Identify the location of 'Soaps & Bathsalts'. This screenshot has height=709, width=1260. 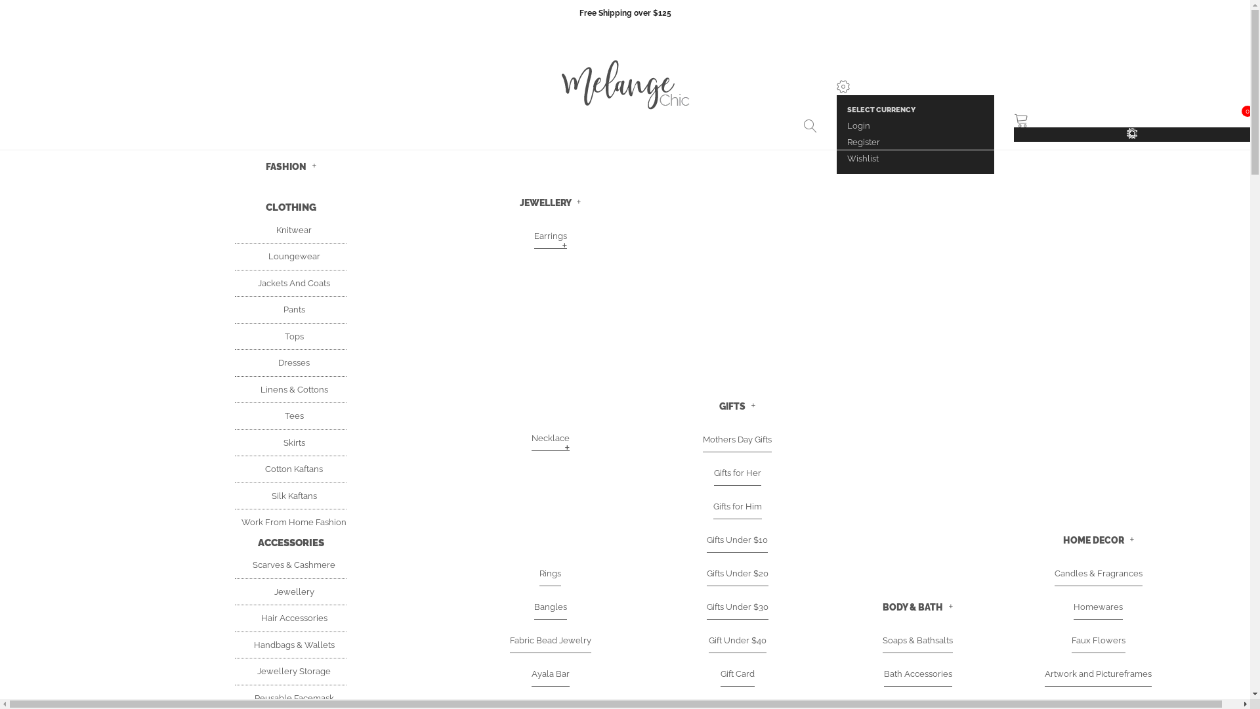
(882, 639).